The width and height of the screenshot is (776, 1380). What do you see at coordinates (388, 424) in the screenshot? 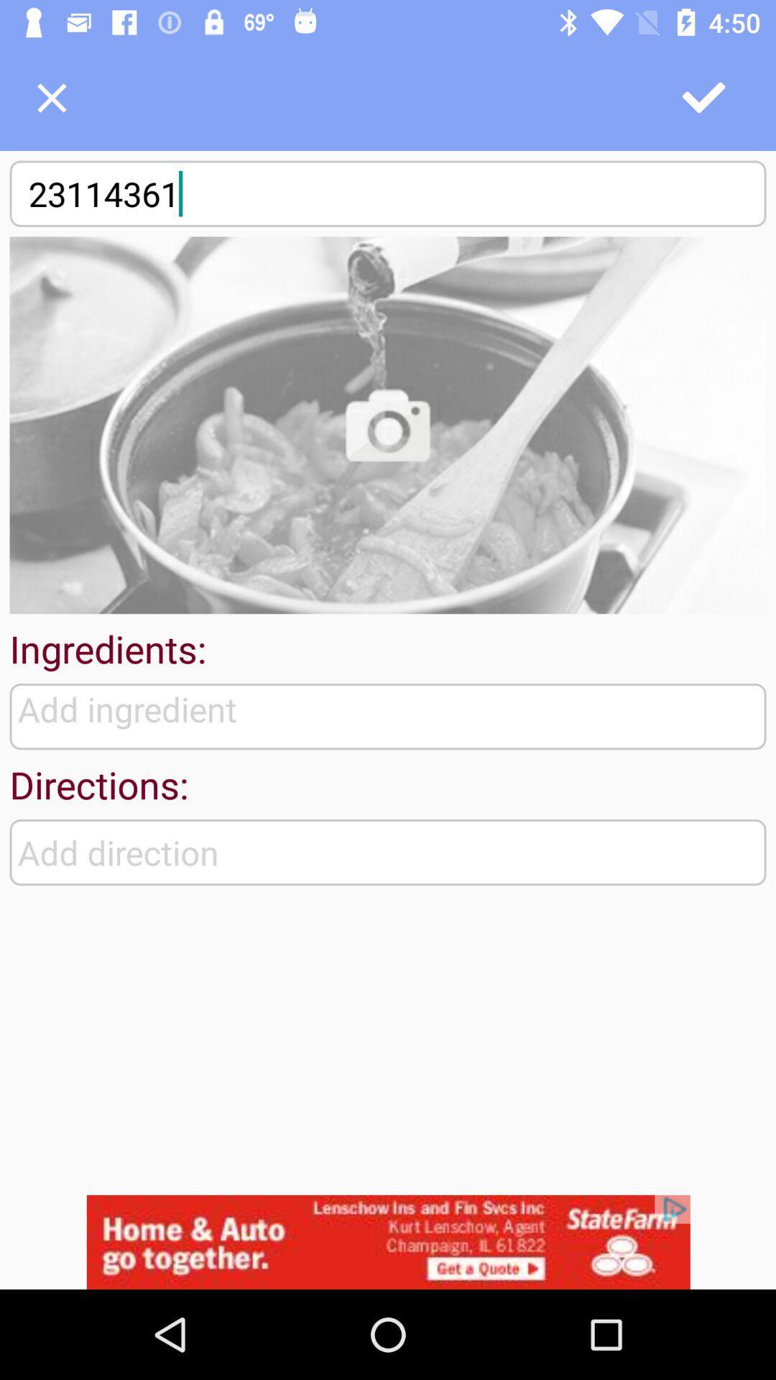
I see `upload picture` at bounding box center [388, 424].